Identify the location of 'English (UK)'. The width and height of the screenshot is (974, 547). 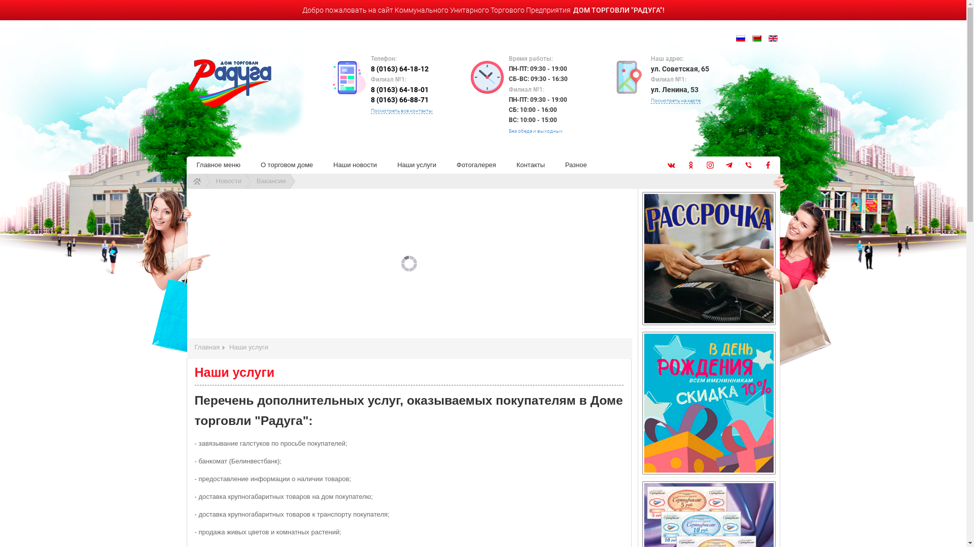
(772, 38).